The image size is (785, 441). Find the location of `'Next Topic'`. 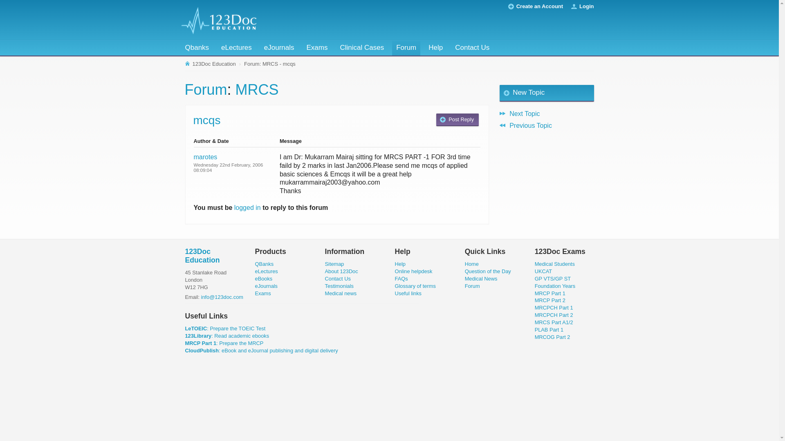

'Next Topic' is located at coordinates (547, 113).